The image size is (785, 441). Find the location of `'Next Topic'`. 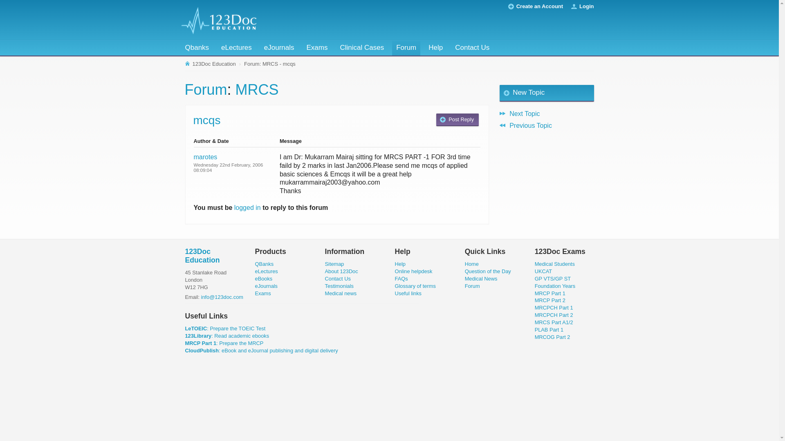

'Next Topic' is located at coordinates (547, 113).